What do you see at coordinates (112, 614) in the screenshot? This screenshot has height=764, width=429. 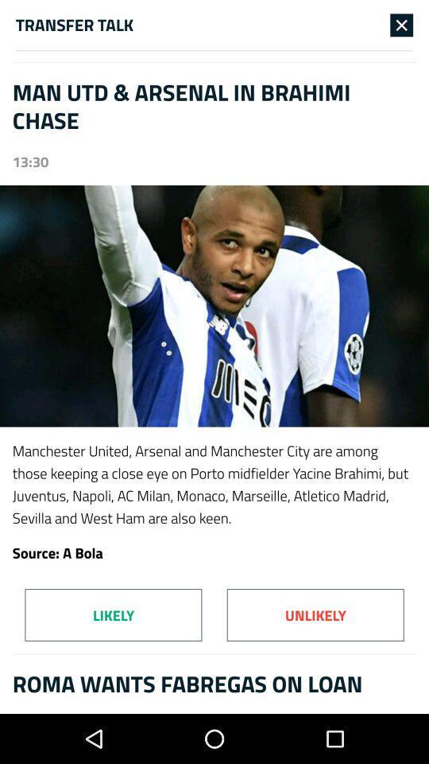 I see `icon below source: a bola icon` at bounding box center [112, 614].